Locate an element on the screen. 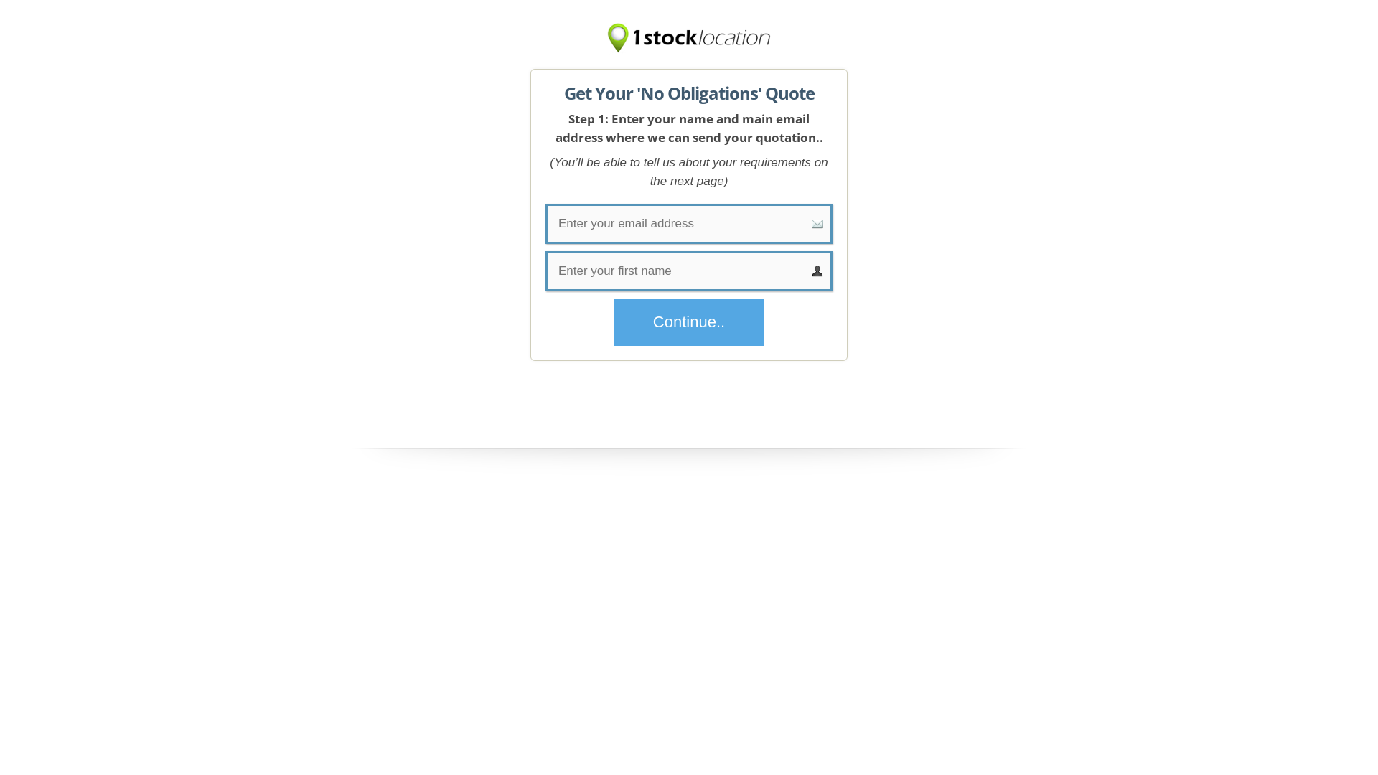 Image resolution: width=1378 pixels, height=775 pixels. 'Continue..' is located at coordinates (689, 321).